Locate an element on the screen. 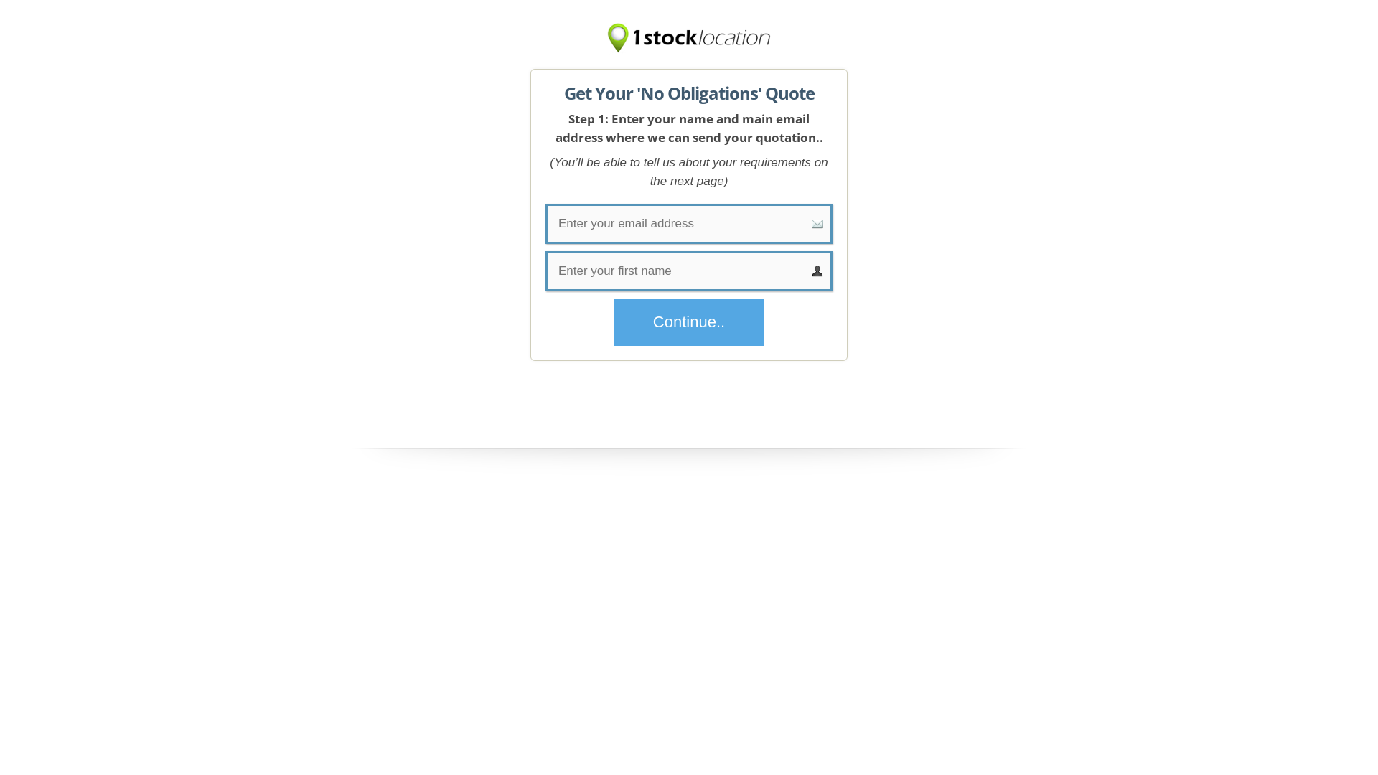 Image resolution: width=1378 pixels, height=775 pixels. 'Continue..' is located at coordinates (689, 321).